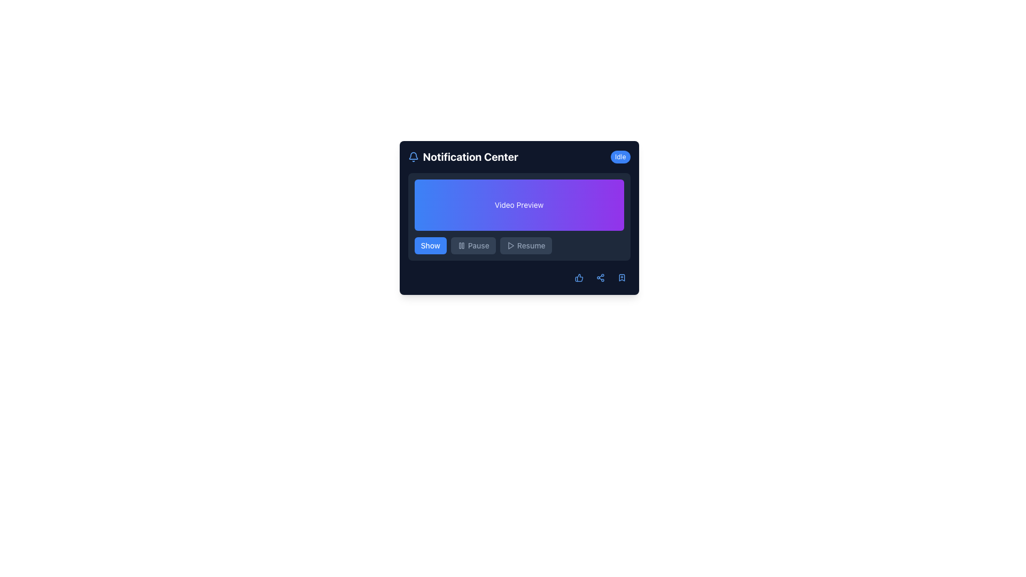 The height and width of the screenshot is (577, 1026). I want to click on the bookmark icon button located at the bottom-right corner of the interface, which is the third icon in the row from the right, so click(621, 277).